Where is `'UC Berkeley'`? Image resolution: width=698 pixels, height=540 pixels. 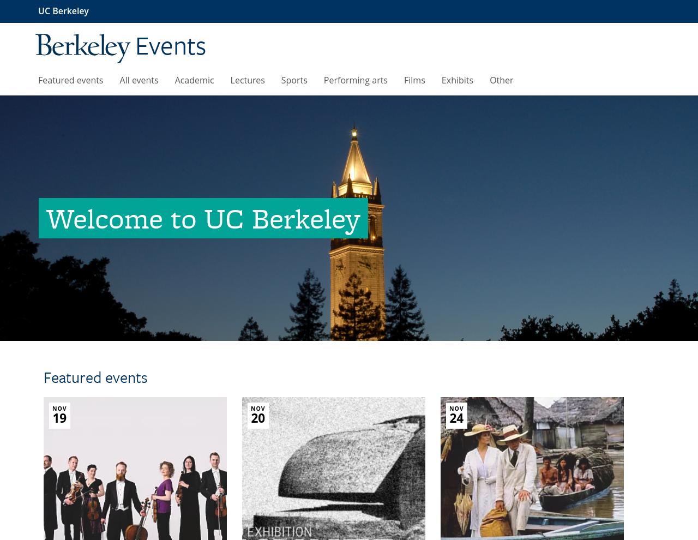 'UC Berkeley' is located at coordinates (62, 10).